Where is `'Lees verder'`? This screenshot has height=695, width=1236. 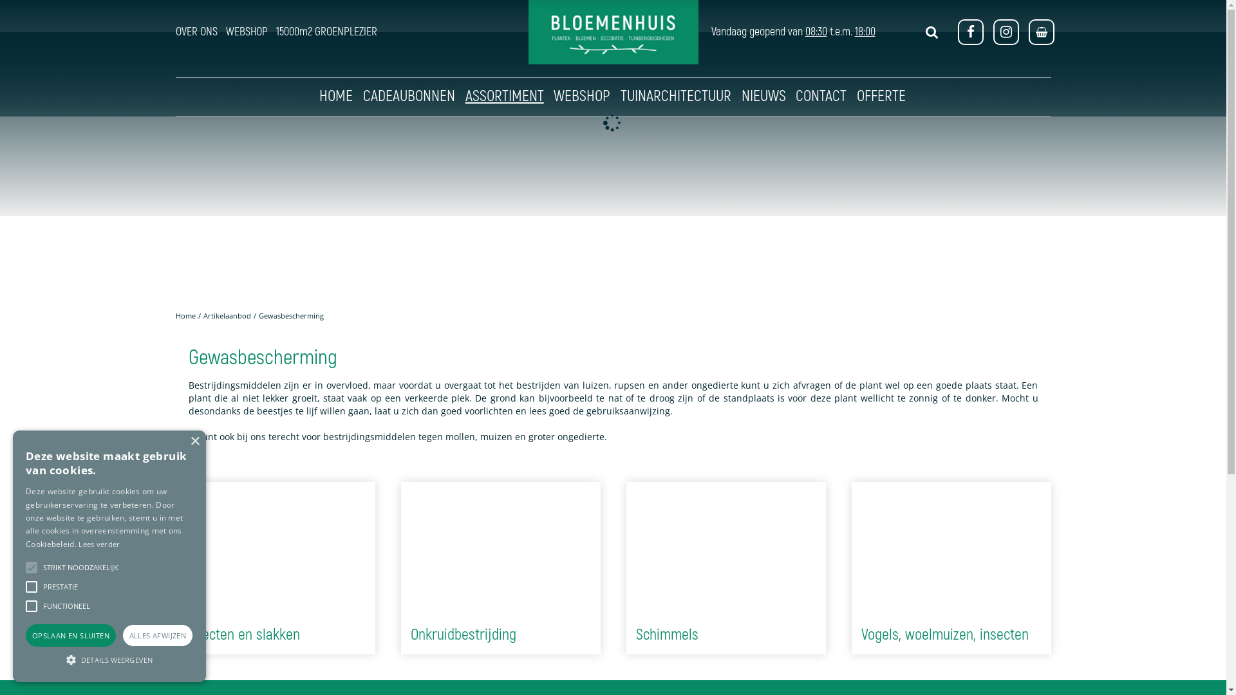
'Lees verder' is located at coordinates (77, 544).